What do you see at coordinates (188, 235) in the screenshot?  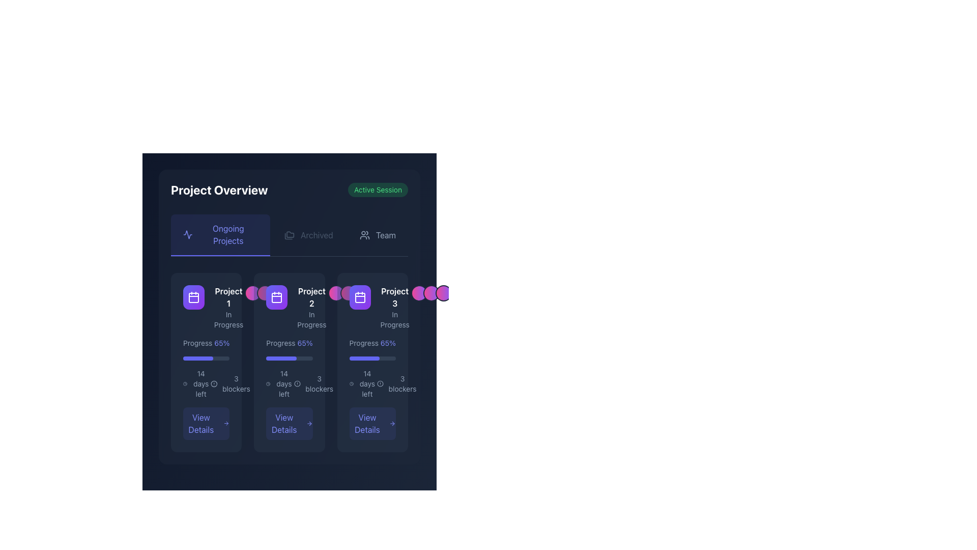 I see `the ongoing activity icon SVG graphic located next to the 'Ongoing Projects' tab label in the top-left corner of the interface` at bounding box center [188, 235].